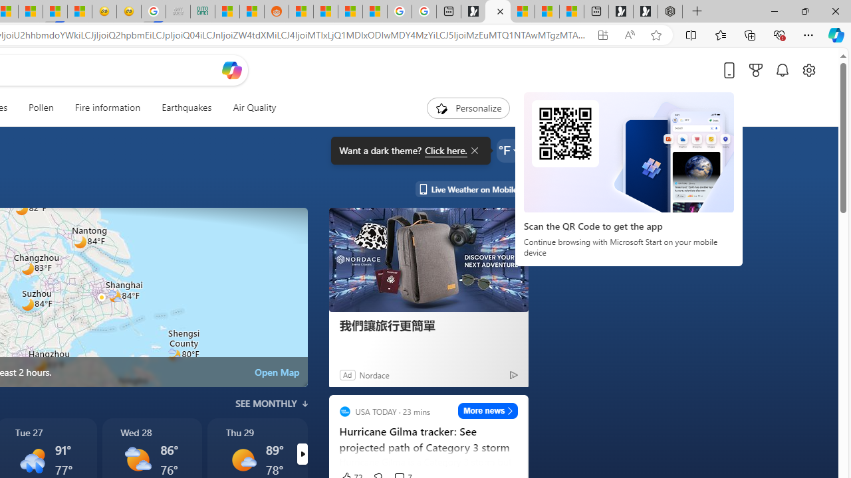 The image size is (851, 478). I want to click on 'Earthquakes', so click(185, 108).